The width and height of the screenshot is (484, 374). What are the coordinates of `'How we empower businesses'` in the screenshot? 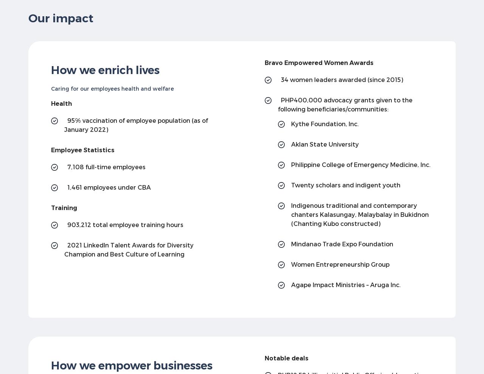 It's located at (132, 365).